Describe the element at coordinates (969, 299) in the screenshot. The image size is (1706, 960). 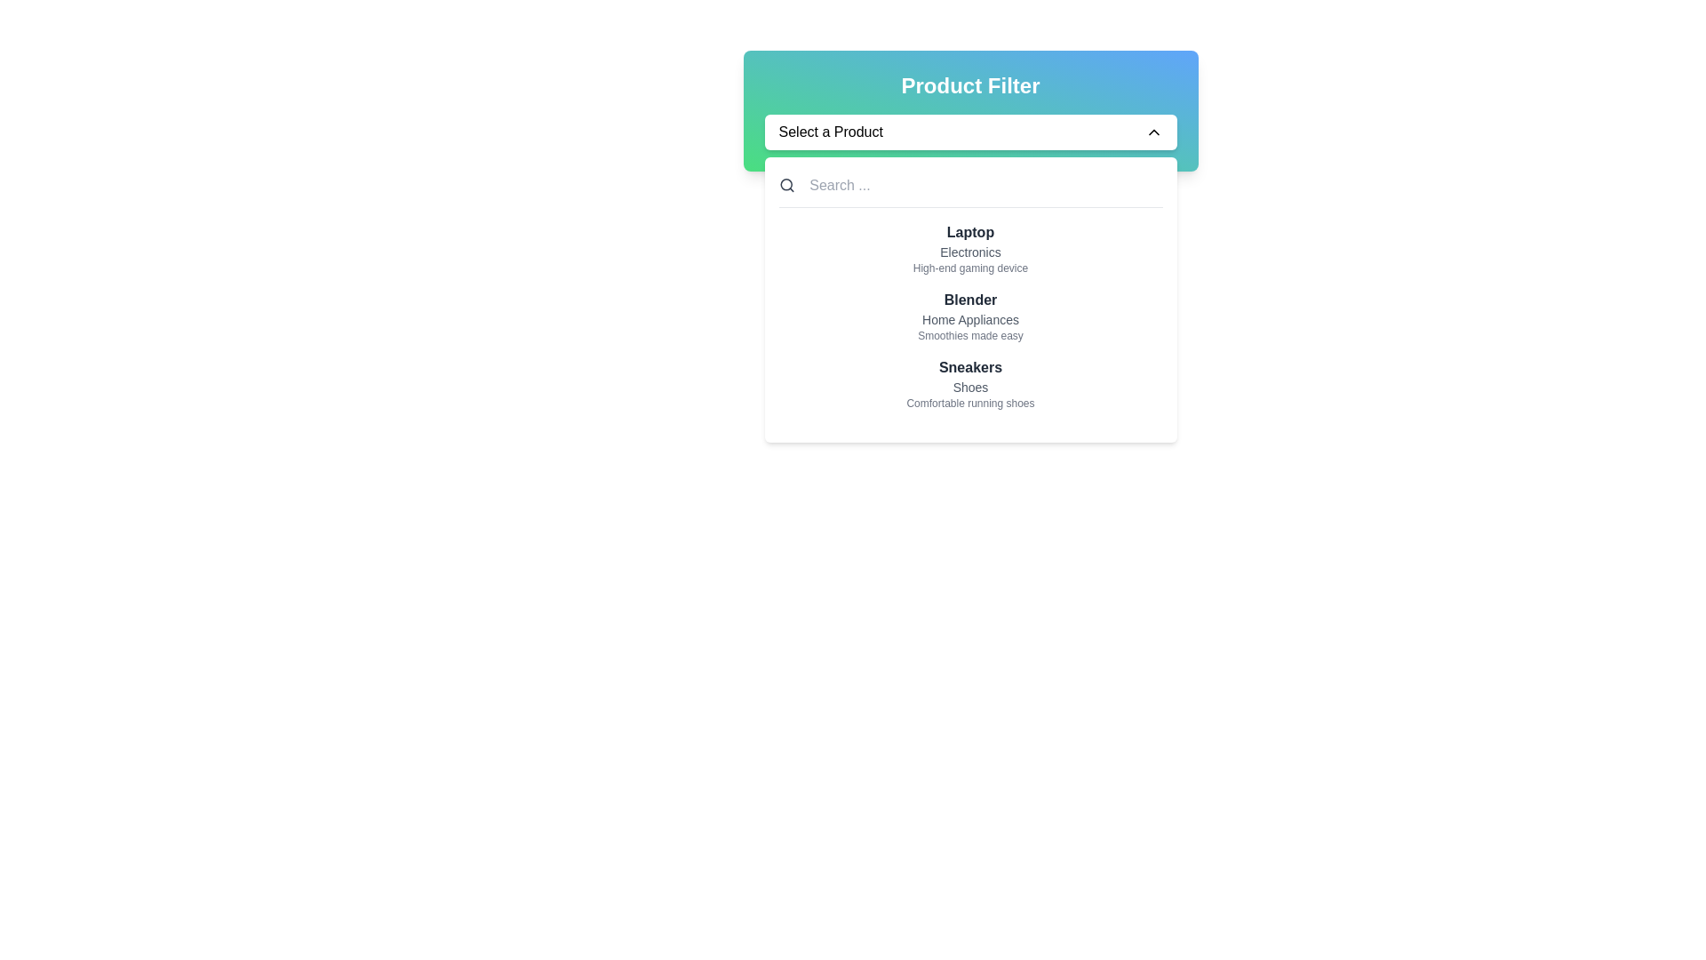
I see `the rectangular dropdown menu located beneath the 'Select a Product' input field, which features a white background, rounded corners, and a shadow effect` at that location.